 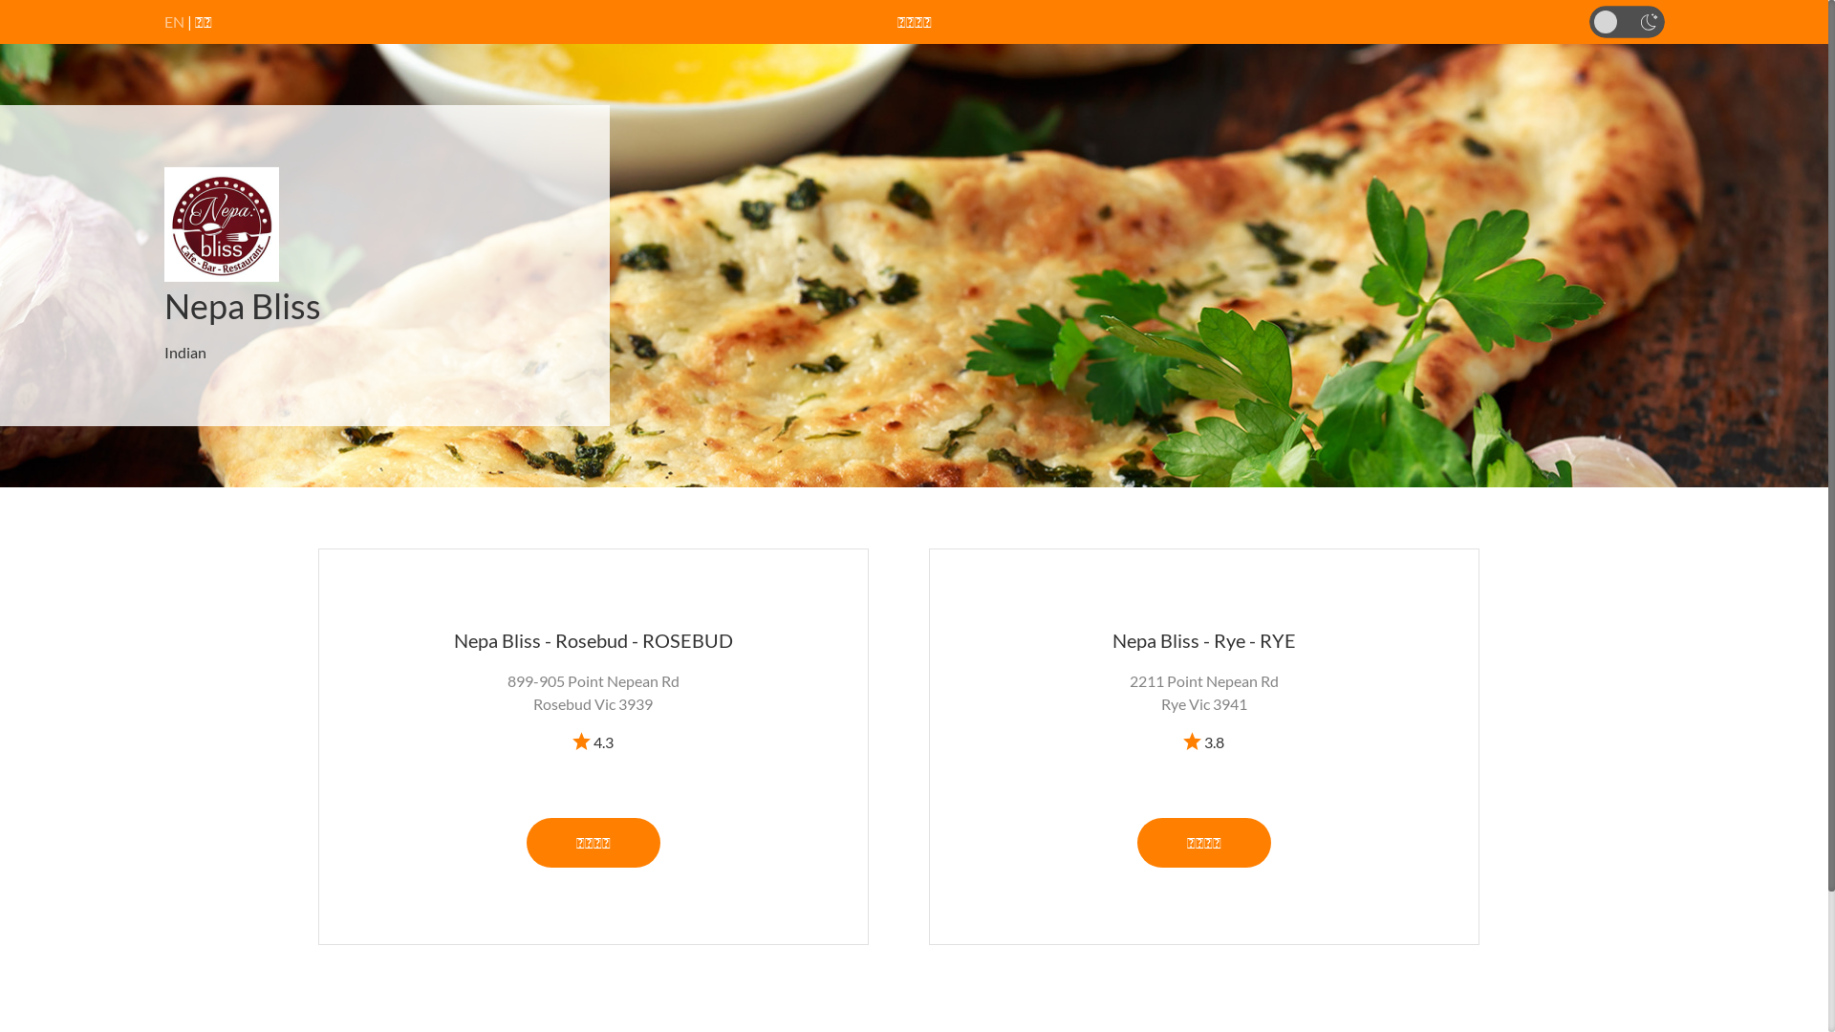 What do you see at coordinates (174, 21) in the screenshot?
I see `'EN'` at bounding box center [174, 21].